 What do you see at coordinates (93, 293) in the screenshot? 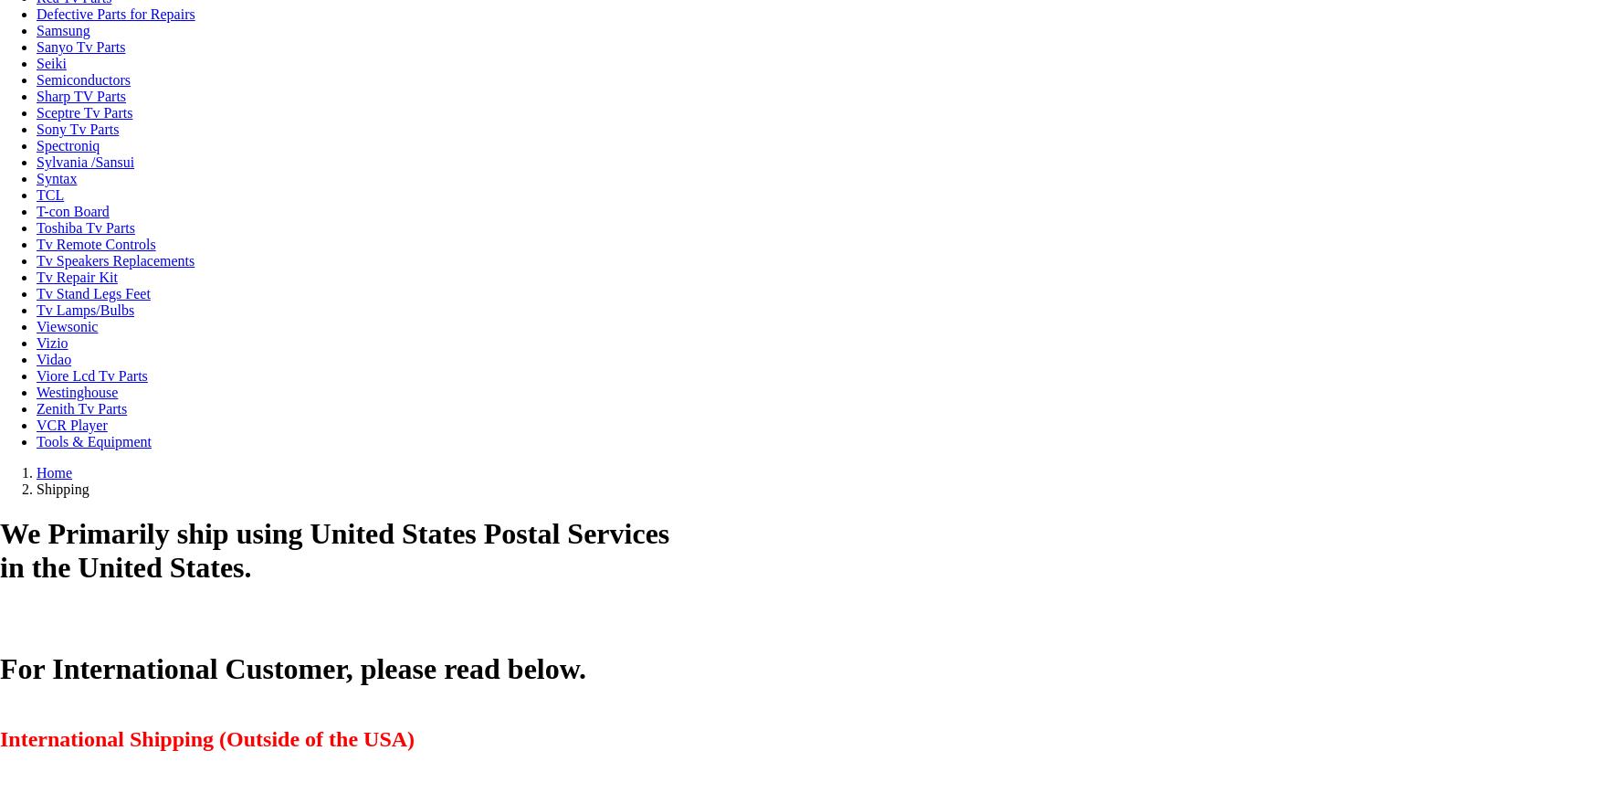
I see `'Tv Stand Legs Feet'` at bounding box center [93, 293].